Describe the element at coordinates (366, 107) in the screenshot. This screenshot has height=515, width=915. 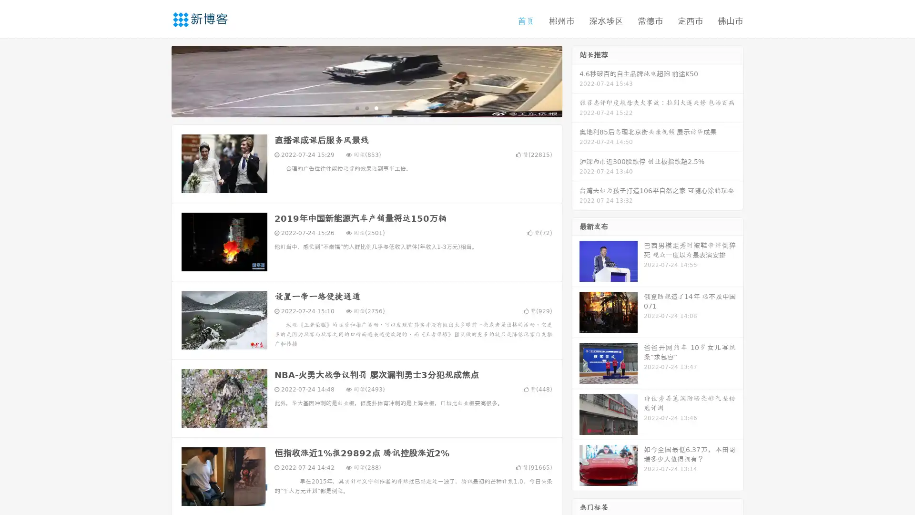
I see `Go to slide 2` at that location.